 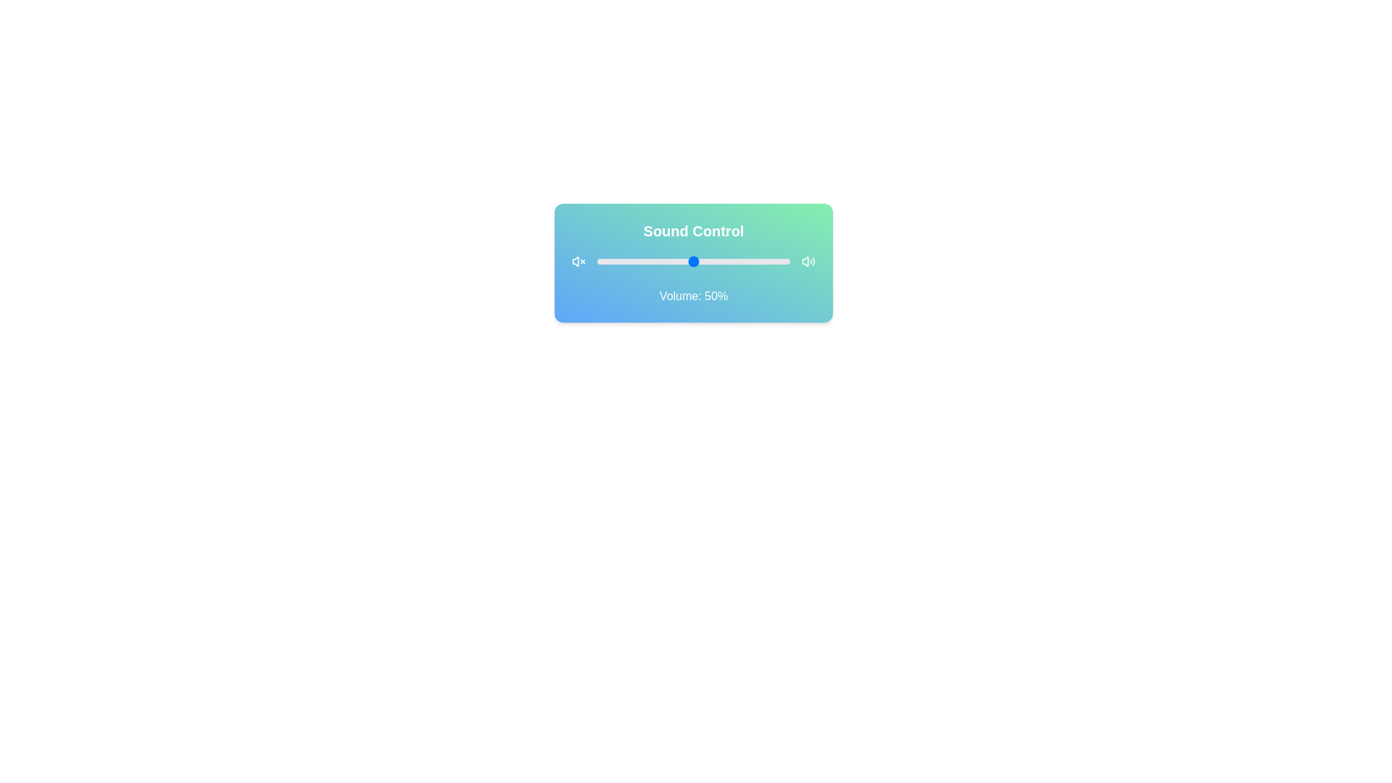 I want to click on the volume, so click(x=692, y=262).